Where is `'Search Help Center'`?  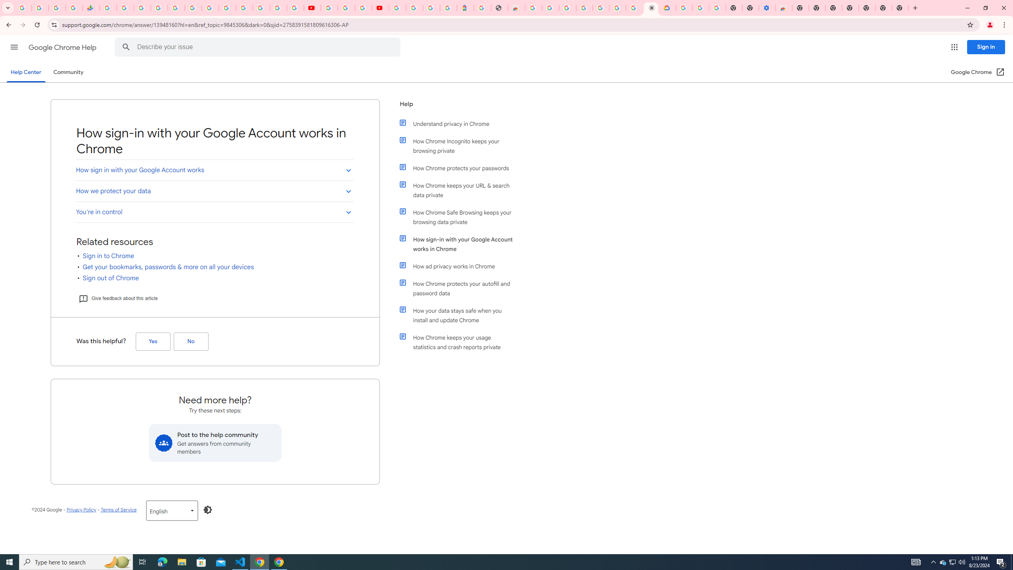 'Search Help Center' is located at coordinates (125, 47).